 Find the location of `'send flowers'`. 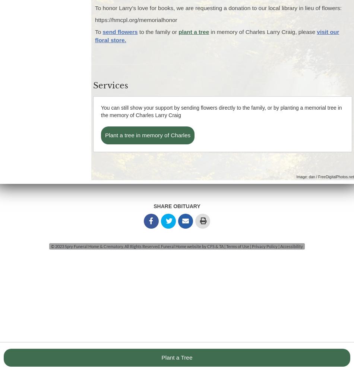

'send flowers' is located at coordinates (119, 31).